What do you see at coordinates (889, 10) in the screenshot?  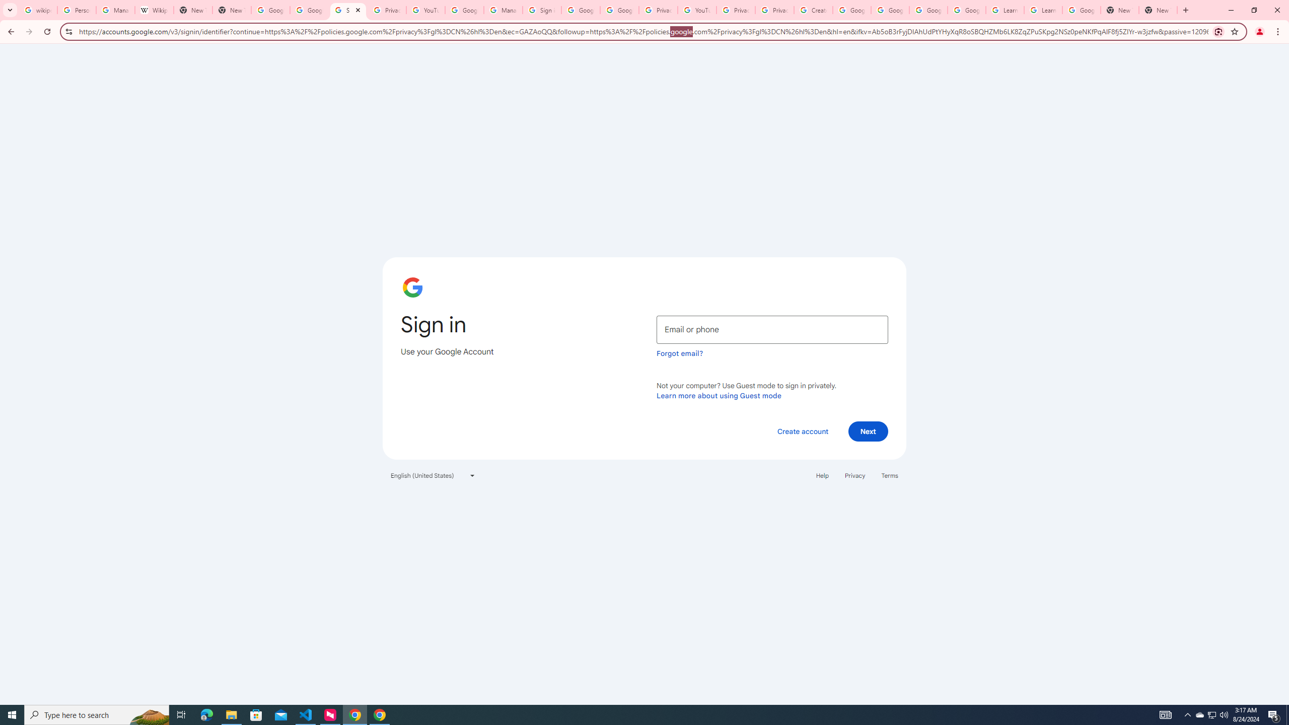 I see `'Google Account Help'` at bounding box center [889, 10].